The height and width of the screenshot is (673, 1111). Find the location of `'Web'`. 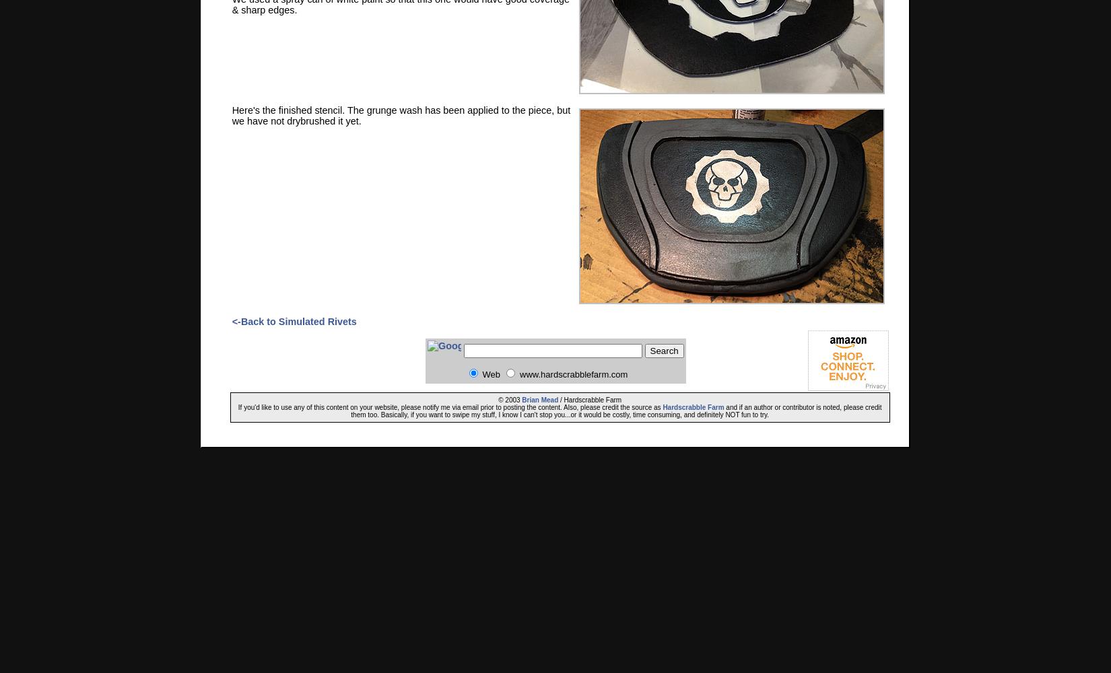

'Web' is located at coordinates (490, 374).